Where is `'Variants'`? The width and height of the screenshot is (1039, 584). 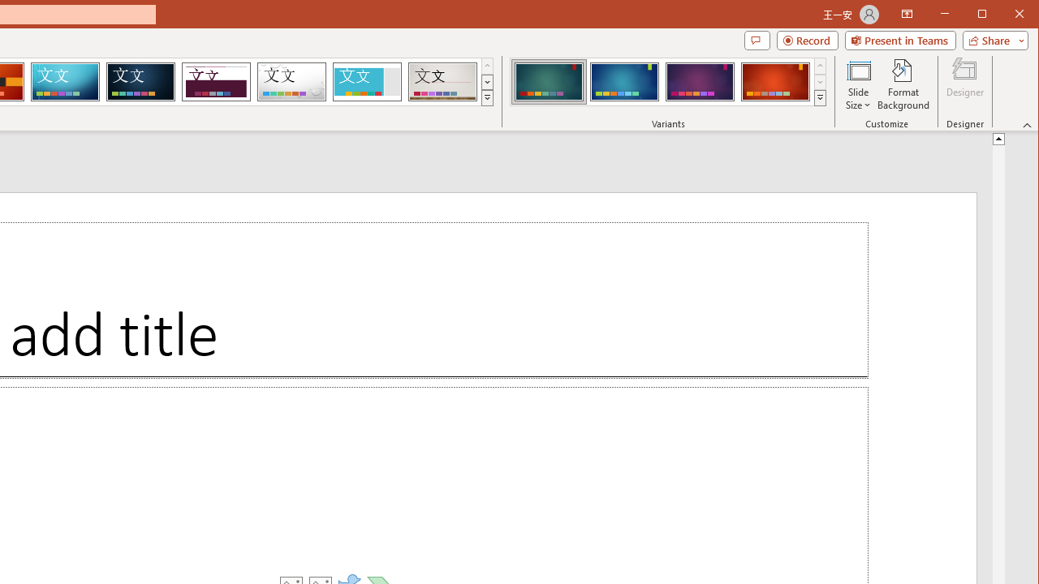 'Variants' is located at coordinates (820, 97).